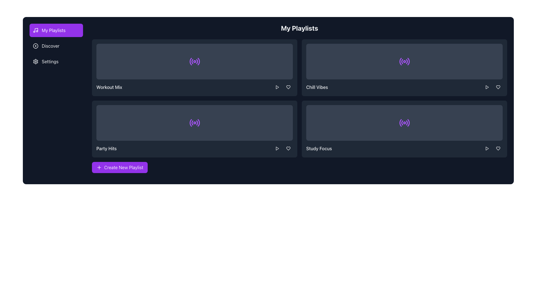 The image size is (535, 301). I want to click on the play button icon located at the bottom-right corner of the 'Study Focus' playlist card, so click(487, 148).